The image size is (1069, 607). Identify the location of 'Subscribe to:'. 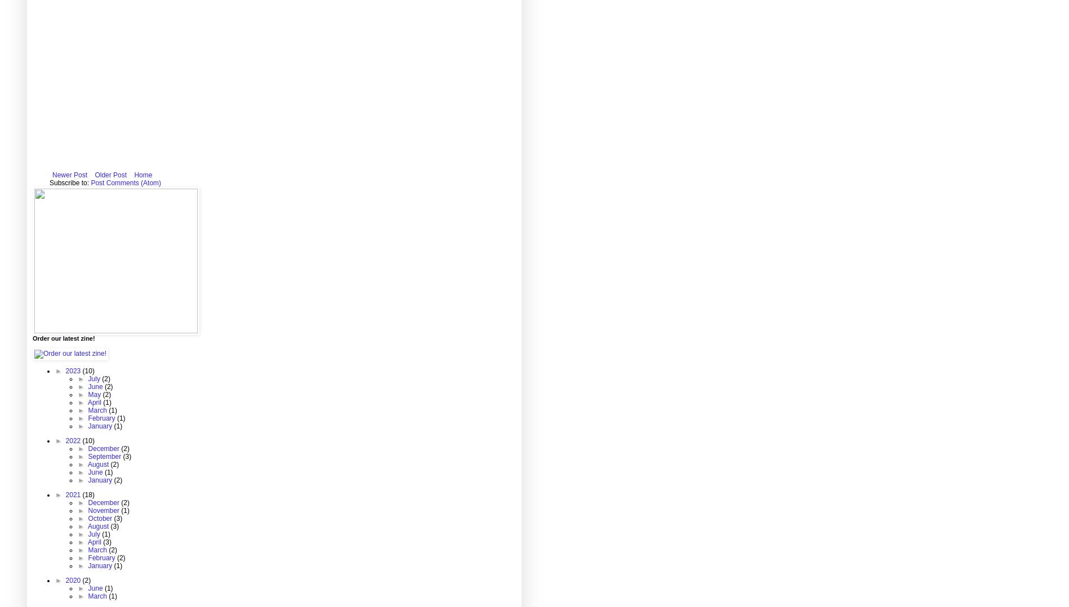
(50, 182).